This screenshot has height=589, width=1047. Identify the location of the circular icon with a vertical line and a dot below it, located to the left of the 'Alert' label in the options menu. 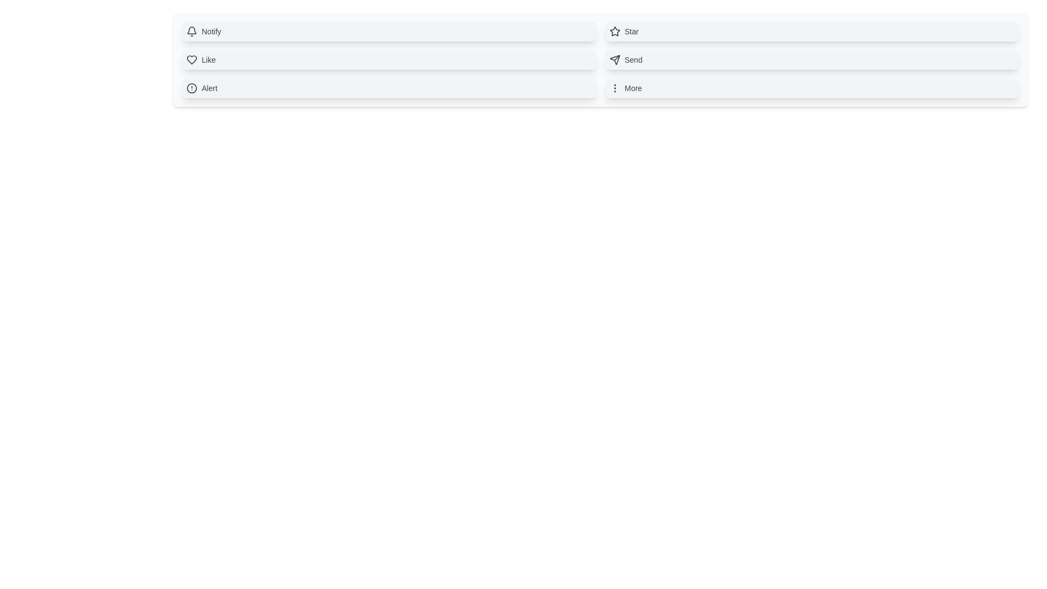
(191, 88).